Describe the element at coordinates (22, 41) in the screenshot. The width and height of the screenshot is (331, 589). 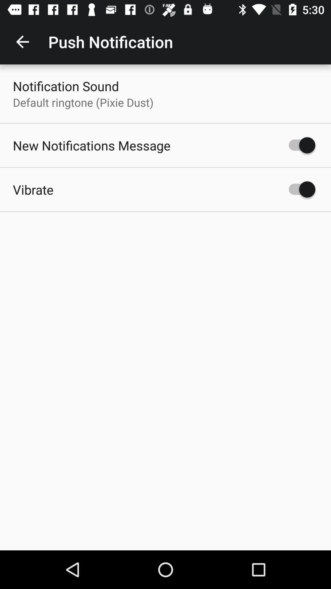
I see `the icon above the notification sound item` at that location.